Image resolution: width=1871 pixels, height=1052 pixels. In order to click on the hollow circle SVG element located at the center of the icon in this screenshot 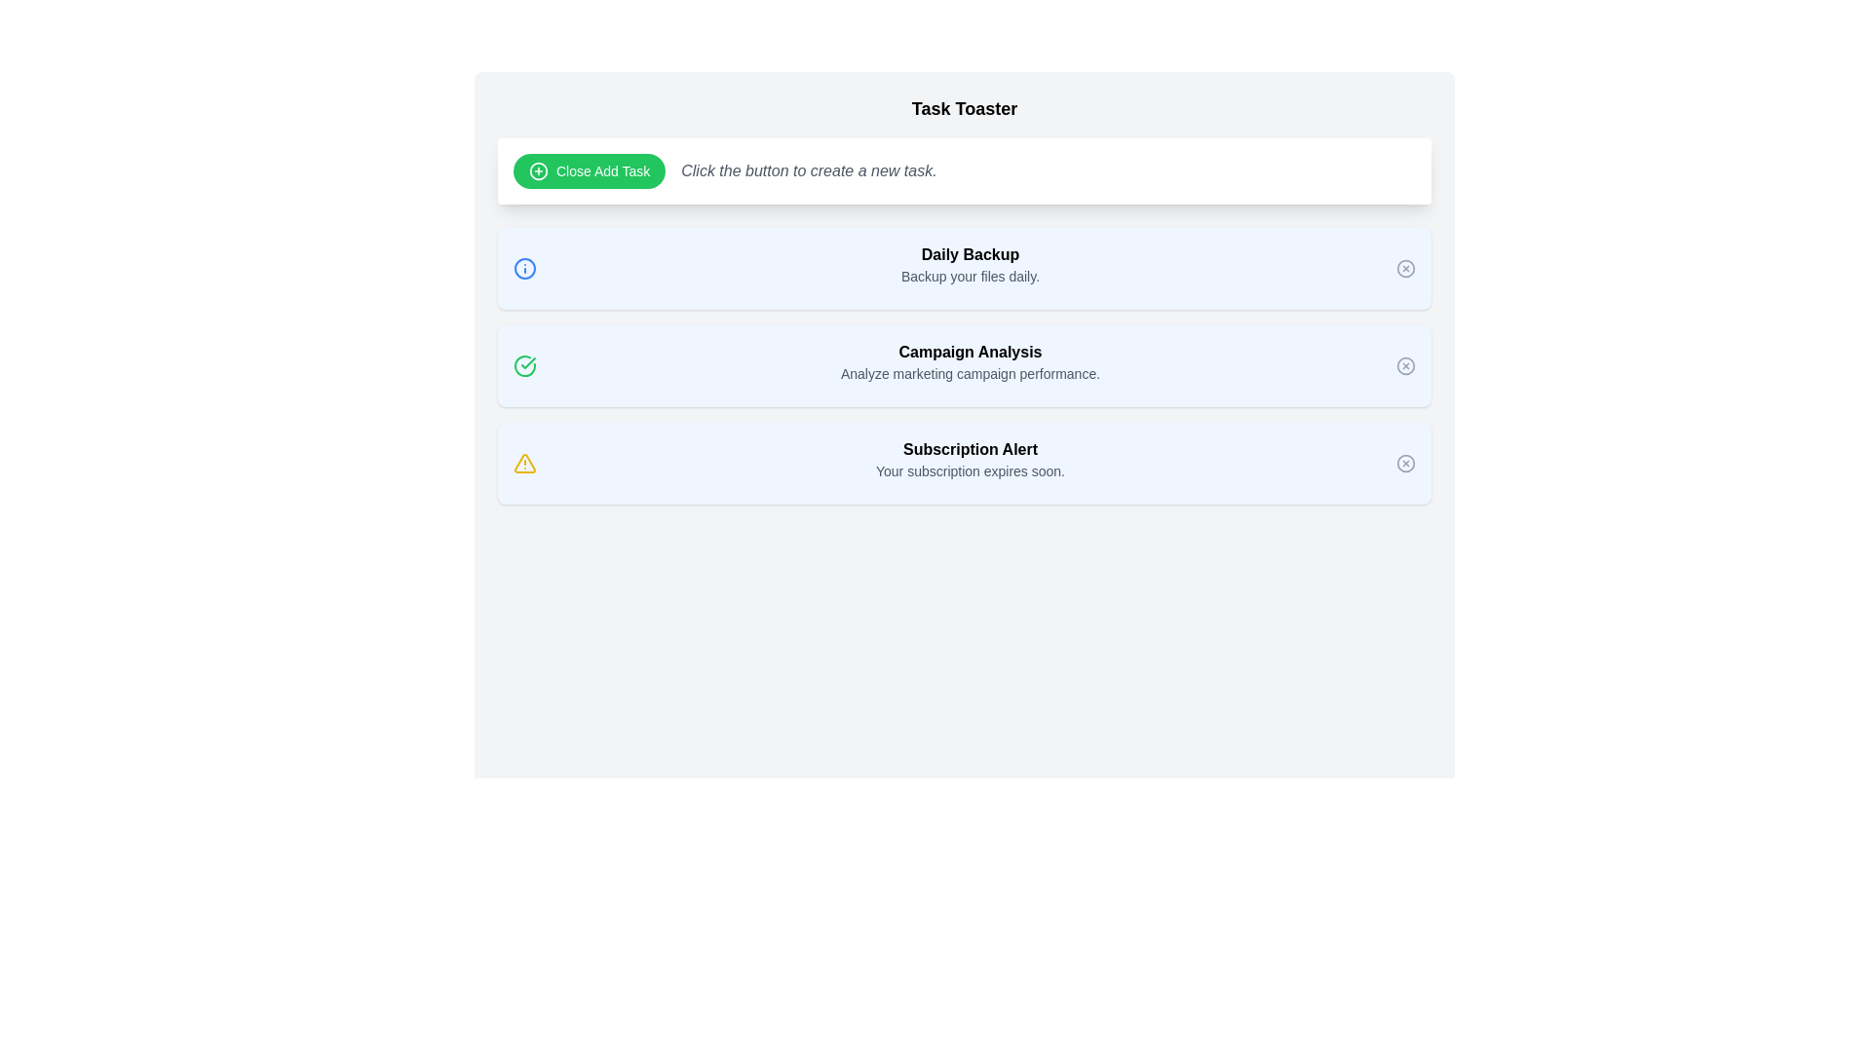, I will do `click(1406, 365)`.